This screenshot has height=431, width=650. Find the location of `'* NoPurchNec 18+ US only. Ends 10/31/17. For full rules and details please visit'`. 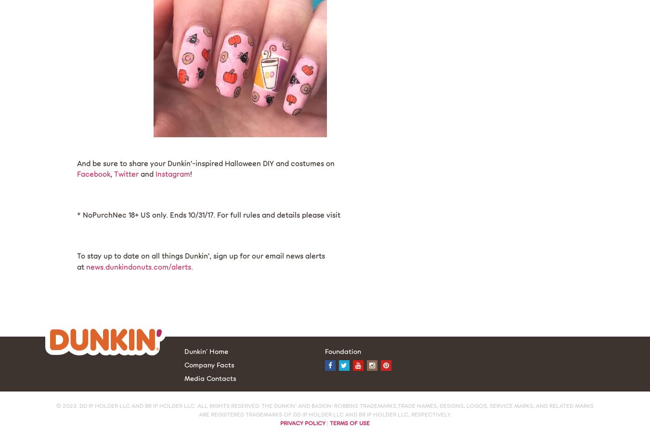

'* NoPurchNec 18+ US only. Ends 10/31/17. For full rules and details please visit' is located at coordinates (77, 214).